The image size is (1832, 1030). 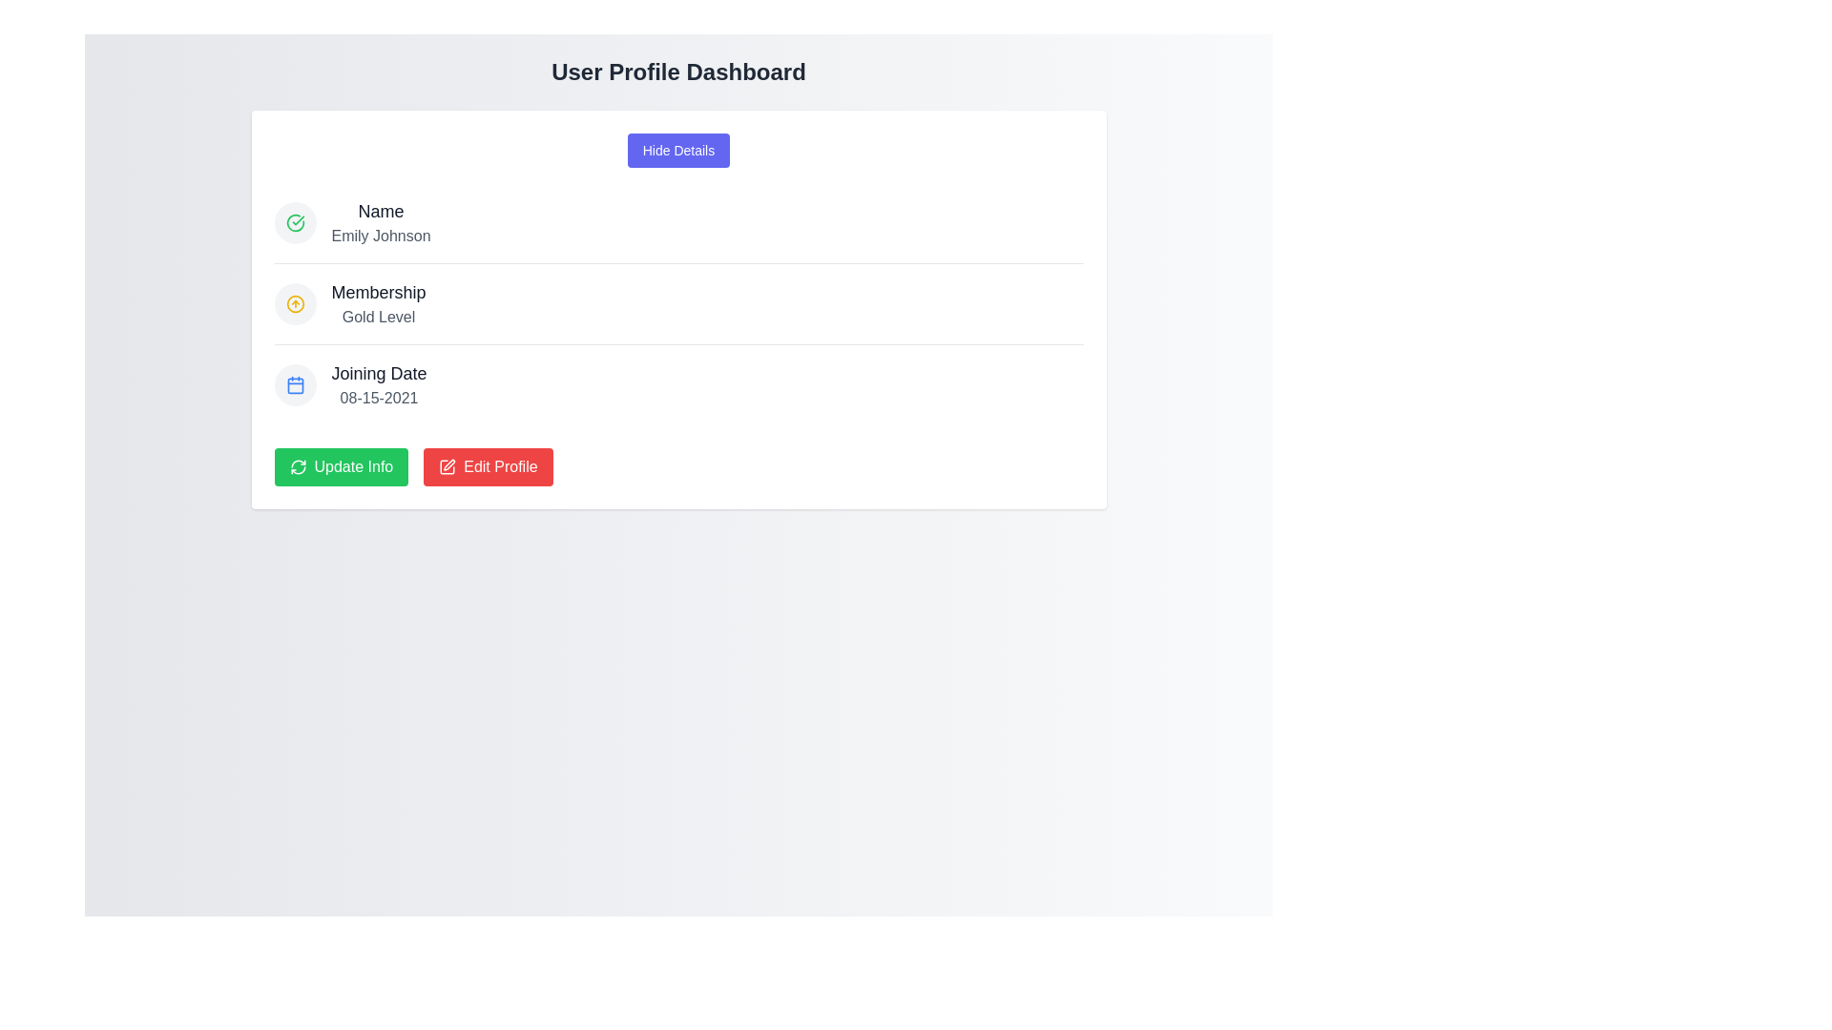 What do you see at coordinates (381, 222) in the screenshot?
I see `the 'Name' text display pair that shows the user's name 'Emily Johnson', positioned as the first entry in the user information section, to the right of a circular checkmark icon` at bounding box center [381, 222].